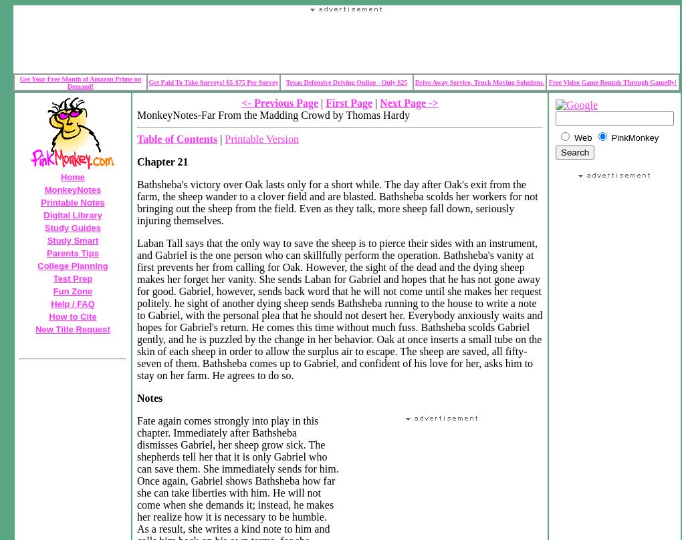 This screenshot has width=682, height=540. I want to click on 'Study 
Smart', so click(72, 240).